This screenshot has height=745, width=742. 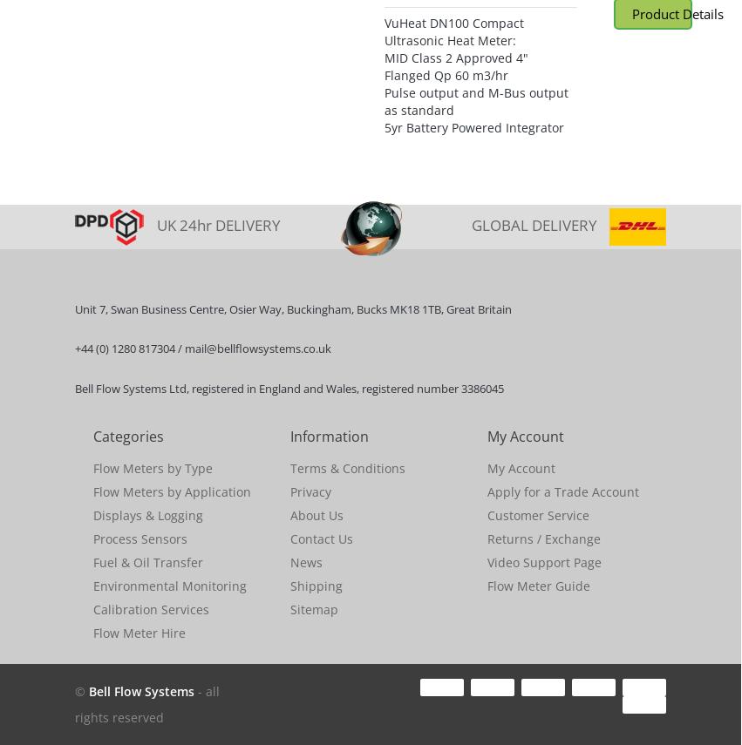 What do you see at coordinates (310, 491) in the screenshot?
I see `'Privacy'` at bounding box center [310, 491].